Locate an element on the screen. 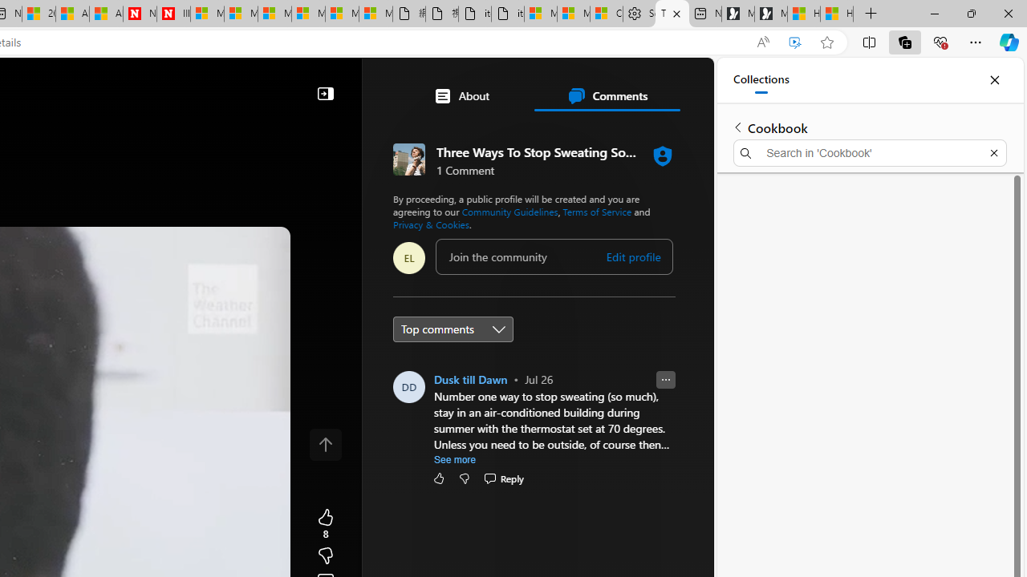 The width and height of the screenshot is (1027, 577). '20 Ways to Boost Your Protein Intake at Every Meal' is located at coordinates (39, 14).